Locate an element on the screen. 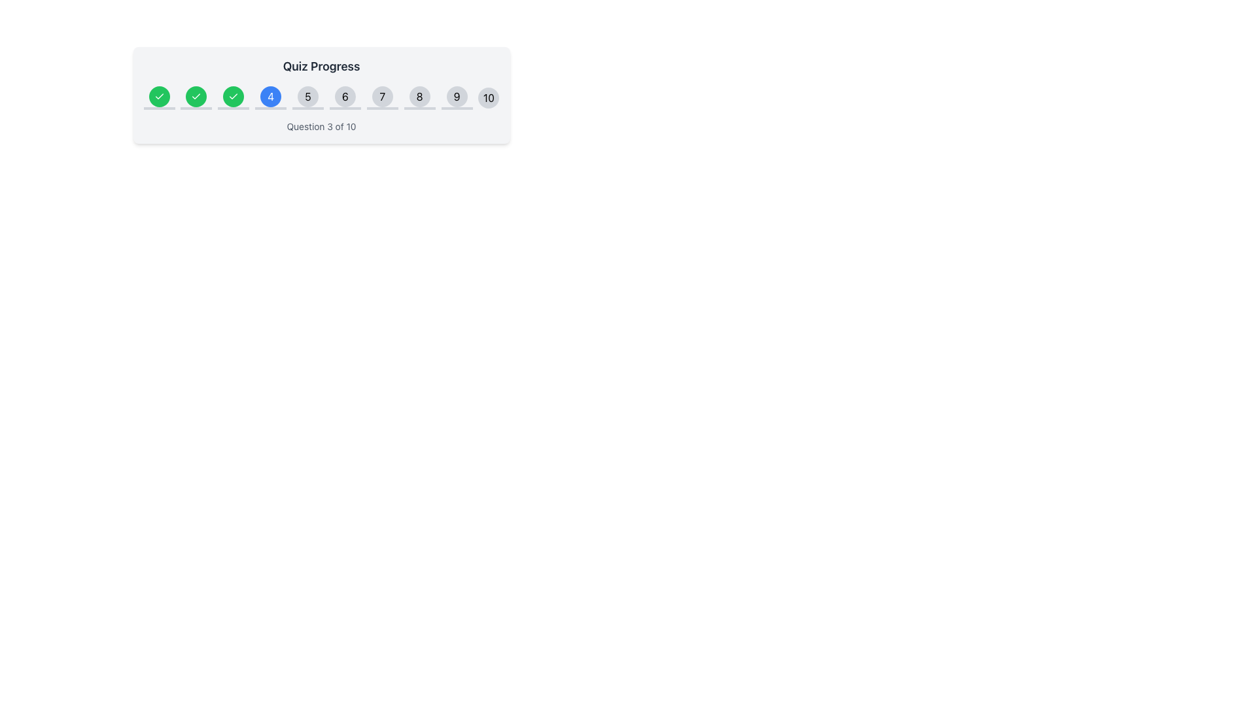 Image resolution: width=1256 pixels, height=706 pixels. the third circular icon in the quiz progress bar is located at coordinates (234, 95).